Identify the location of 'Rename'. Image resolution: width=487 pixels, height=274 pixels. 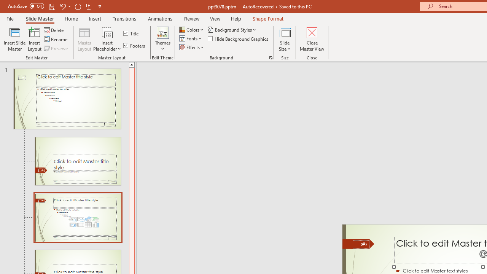
(56, 39).